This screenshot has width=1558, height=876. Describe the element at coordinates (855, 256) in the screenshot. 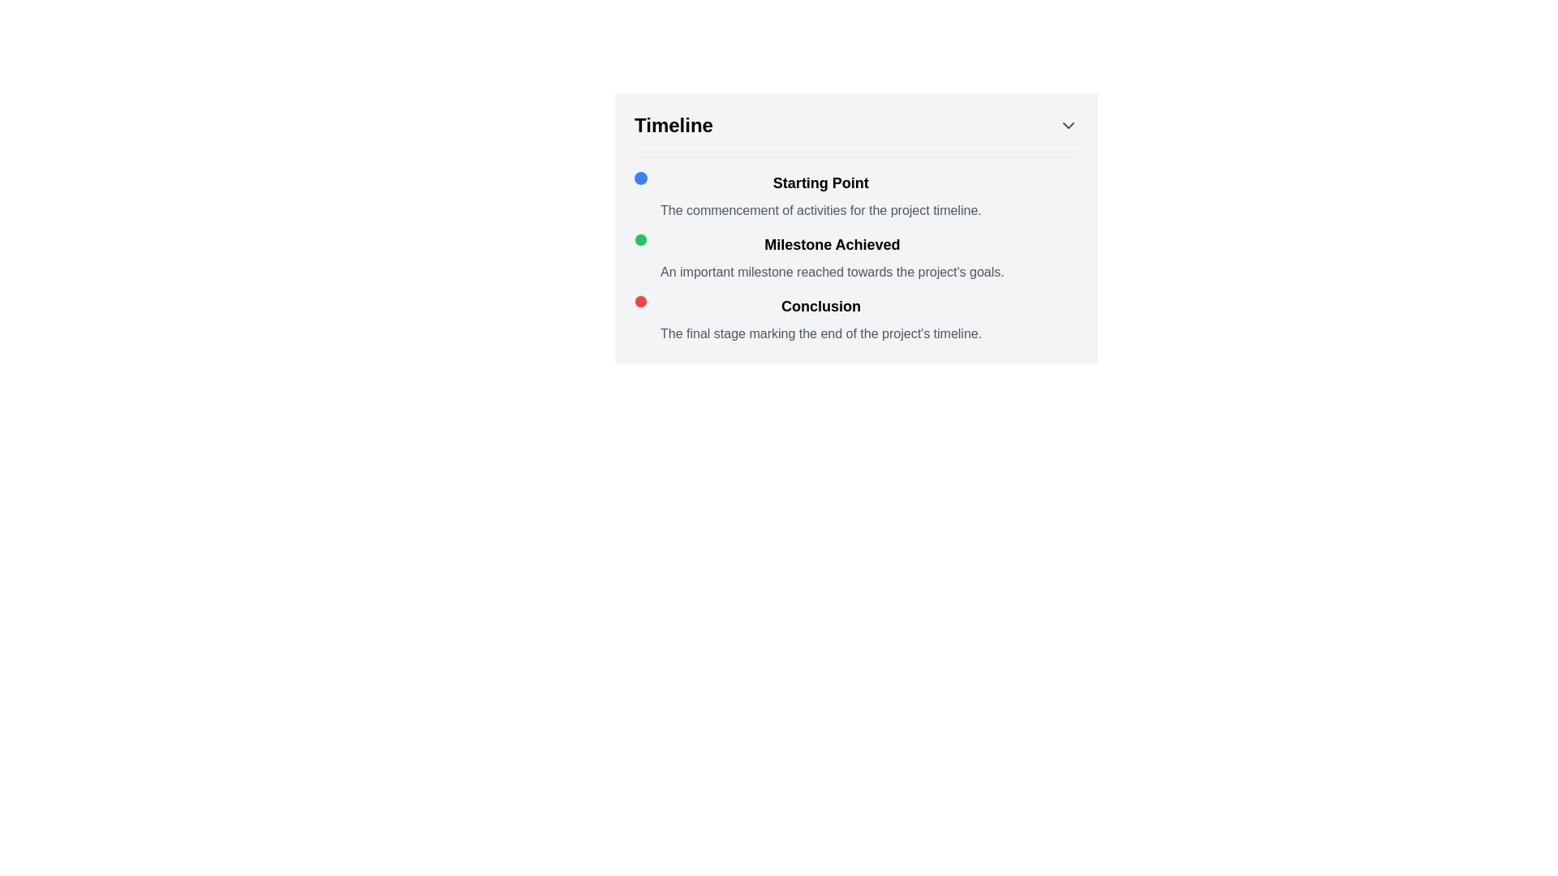

I see `the second stage of the timeline list item, which is positioned between 'Starting Point' and 'Conclusion'` at that location.